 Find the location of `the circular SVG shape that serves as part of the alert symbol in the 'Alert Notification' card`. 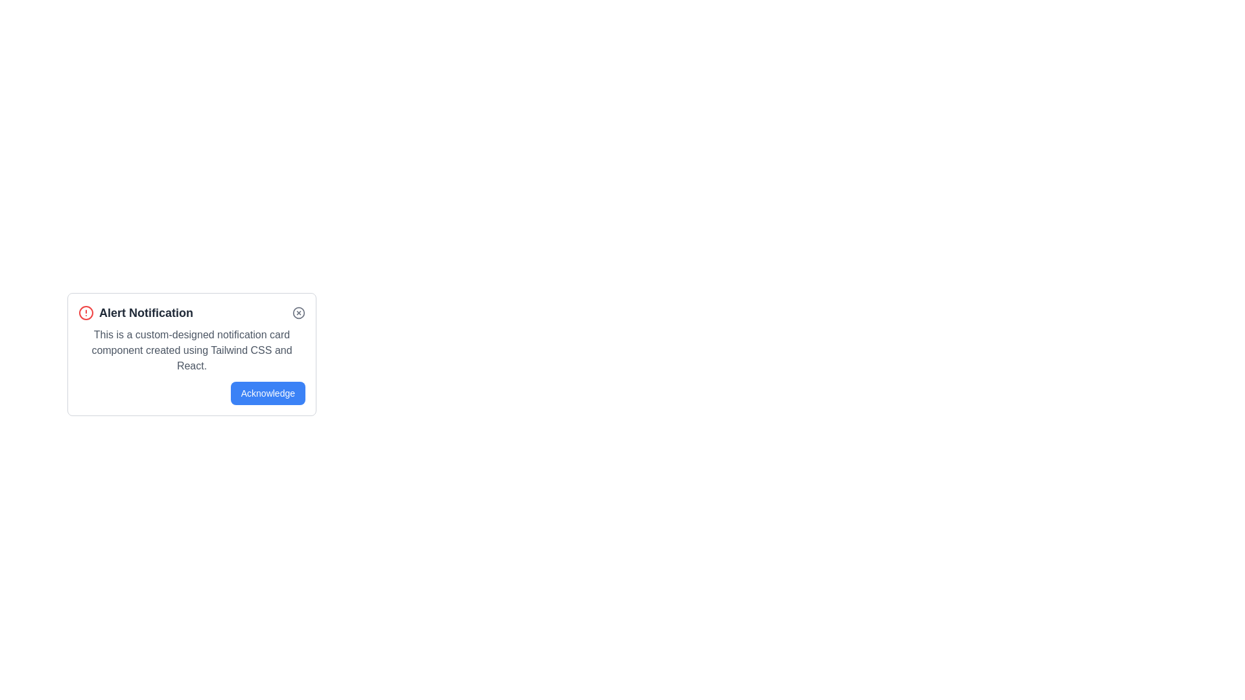

the circular SVG shape that serves as part of the alert symbol in the 'Alert Notification' card is located at coordinates (86, 312).